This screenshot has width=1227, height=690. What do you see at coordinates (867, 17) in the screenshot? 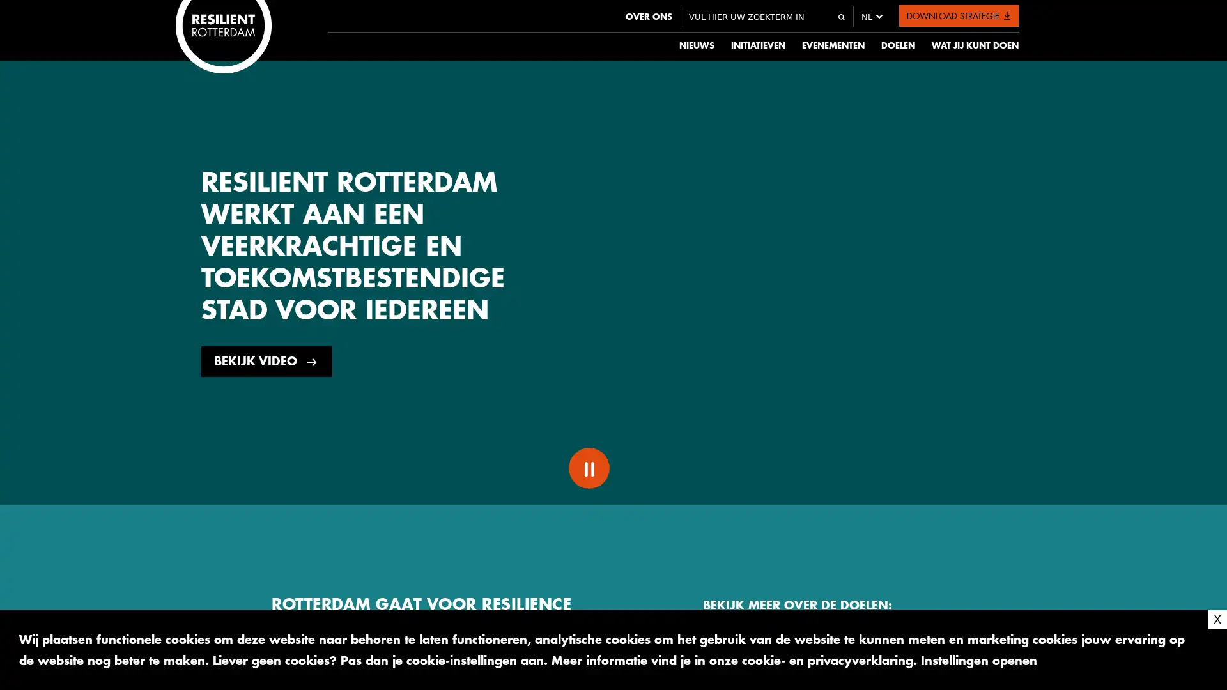
I see `Open taal switch` at bounding box center [867, 17].